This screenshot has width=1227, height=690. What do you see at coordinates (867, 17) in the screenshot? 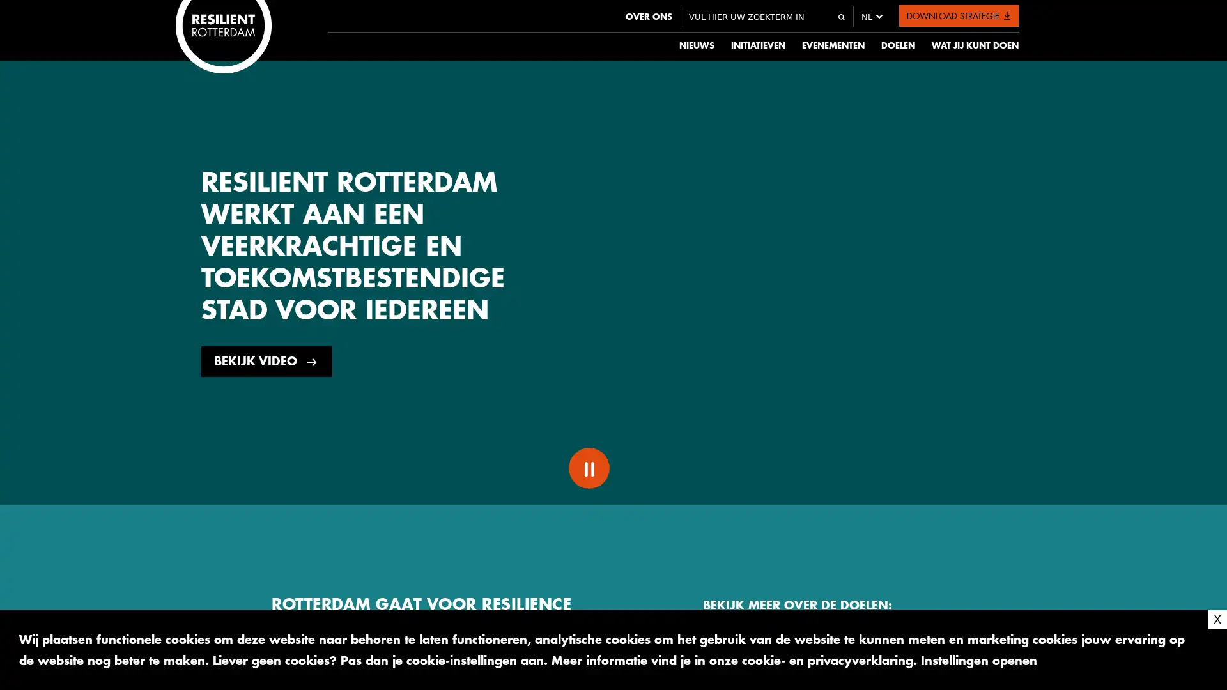
I see `Open taal switch` at bounding box center [867, 17].